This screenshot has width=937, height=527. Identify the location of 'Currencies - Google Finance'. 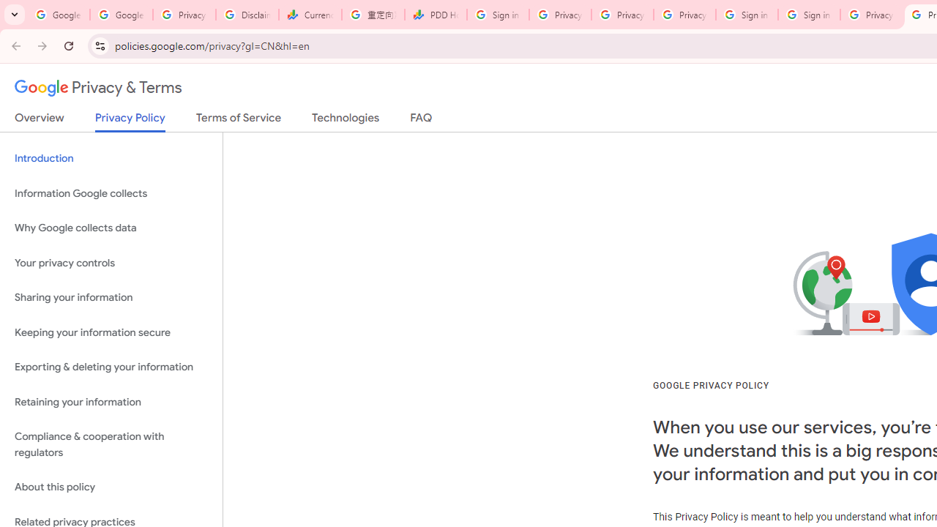
(310, 15).